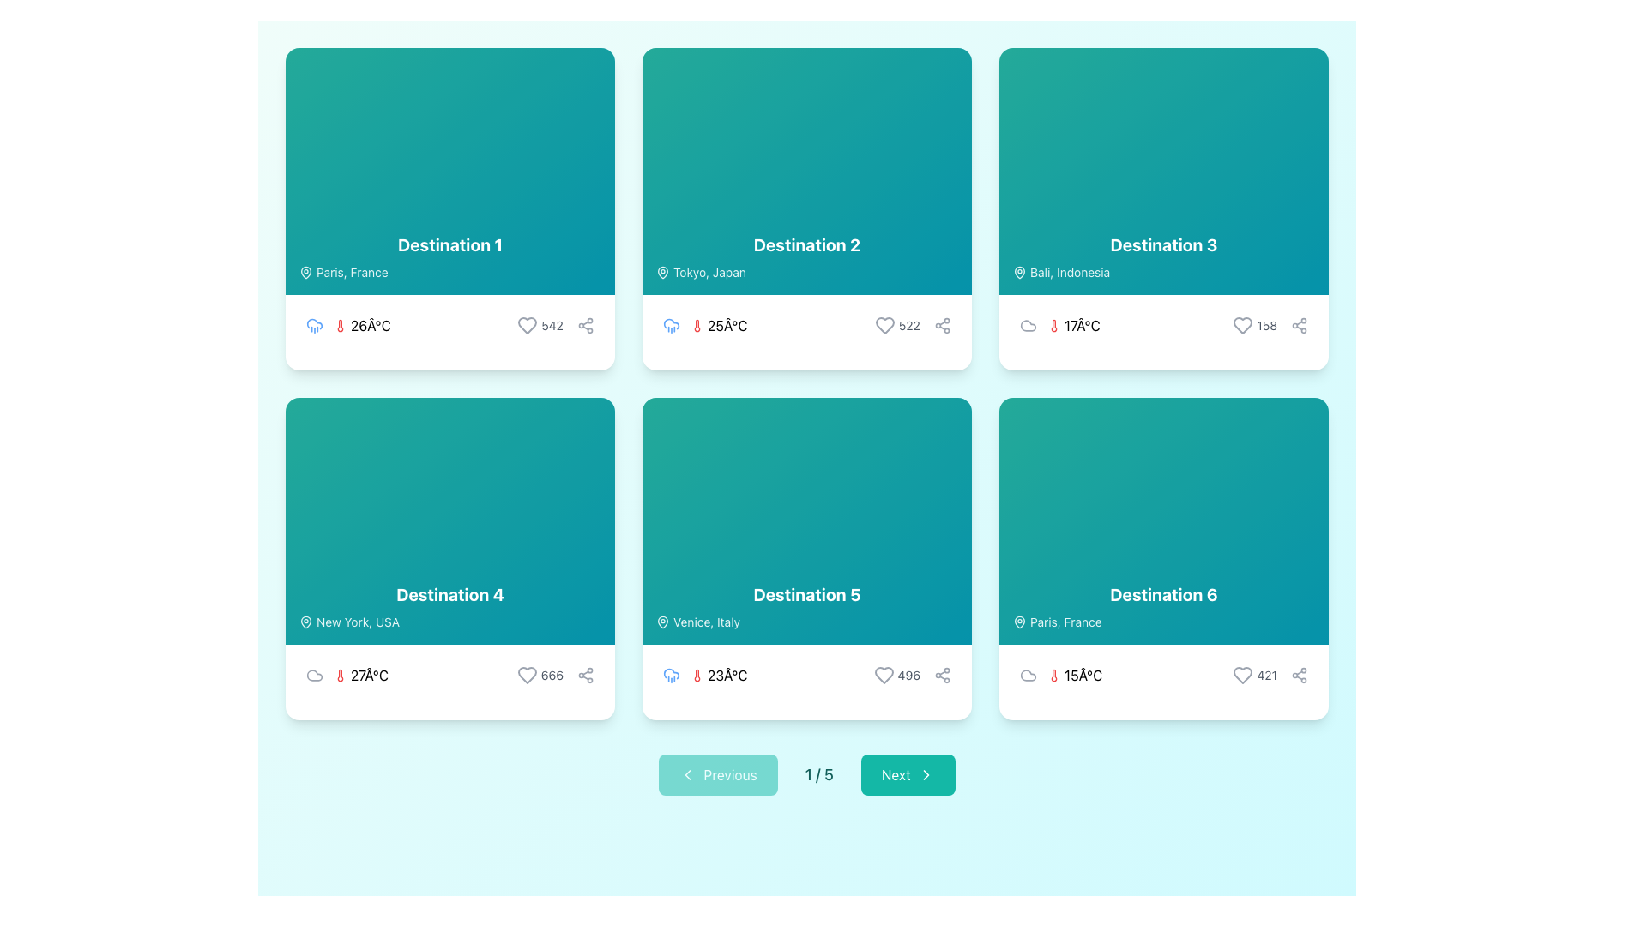 The height and width of the screenshot is (926, 1647). Describe the element at coordinates (884, 326) in the screenshot. I see `the button that allows users to indicate their preference for the travel destination associated with 'Destination 2', located to the left of the number '522'` at that location.